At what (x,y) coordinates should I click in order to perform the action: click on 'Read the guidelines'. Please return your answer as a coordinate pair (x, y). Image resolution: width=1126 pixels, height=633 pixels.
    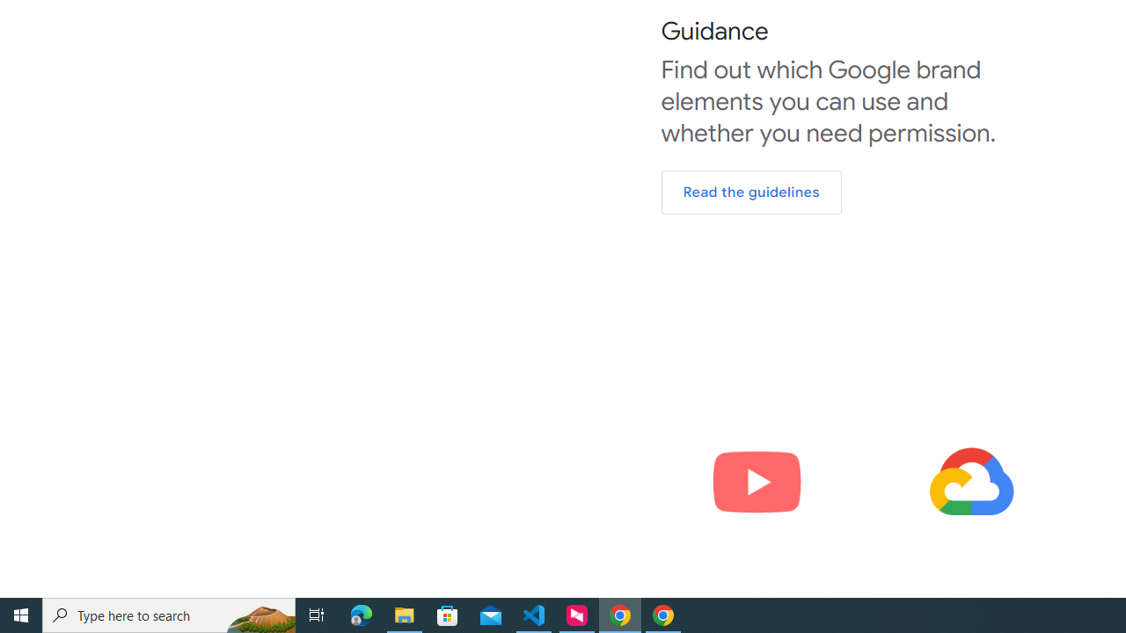
    Looking at the image, I should click on (751, 193).